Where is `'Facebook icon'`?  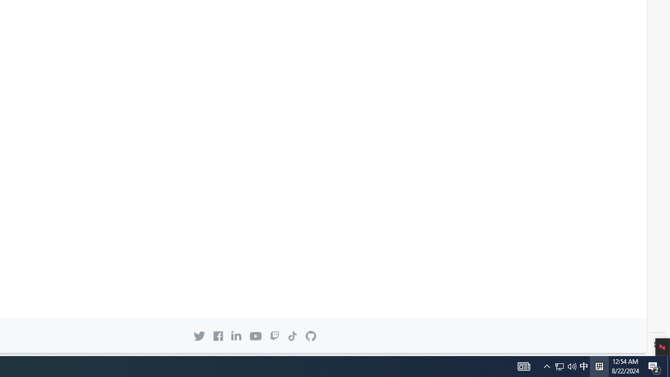
'Facebook icon' is located at coordinates (218, 336).